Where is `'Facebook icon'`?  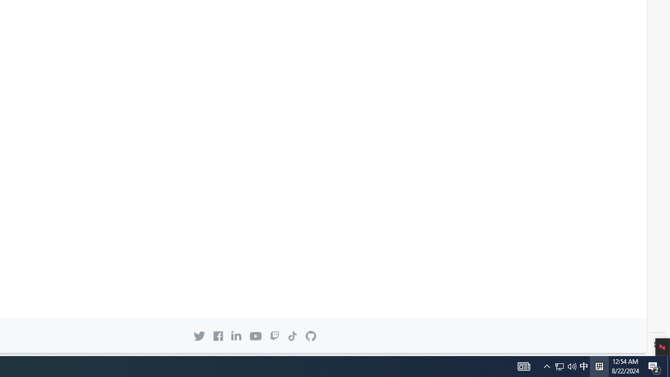
'Facebook icon' is located at coordinates (218, 336).